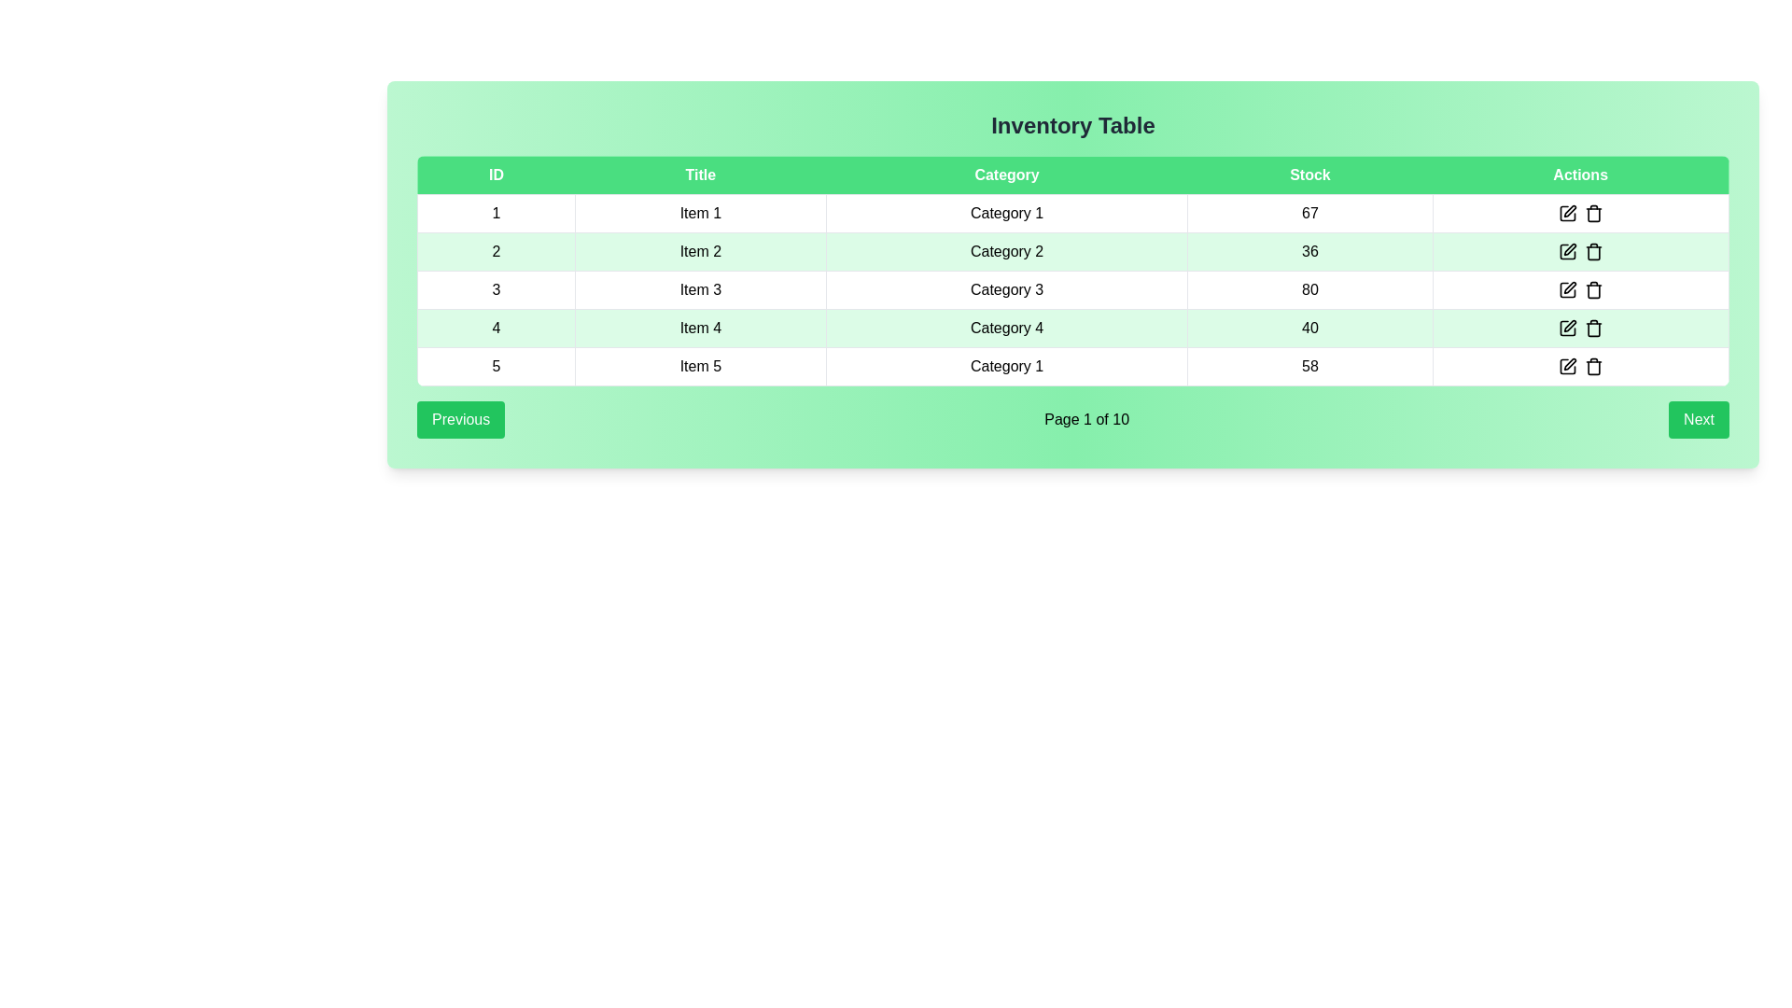 Image resolution: width=1792 pixels, height=1008 pixels. Describe the element at coordinates (496, 290) in the screenshot. I see `the table cell displaying the text '3' located in the third row and first column of the table, under the 'ID' header` at that location.